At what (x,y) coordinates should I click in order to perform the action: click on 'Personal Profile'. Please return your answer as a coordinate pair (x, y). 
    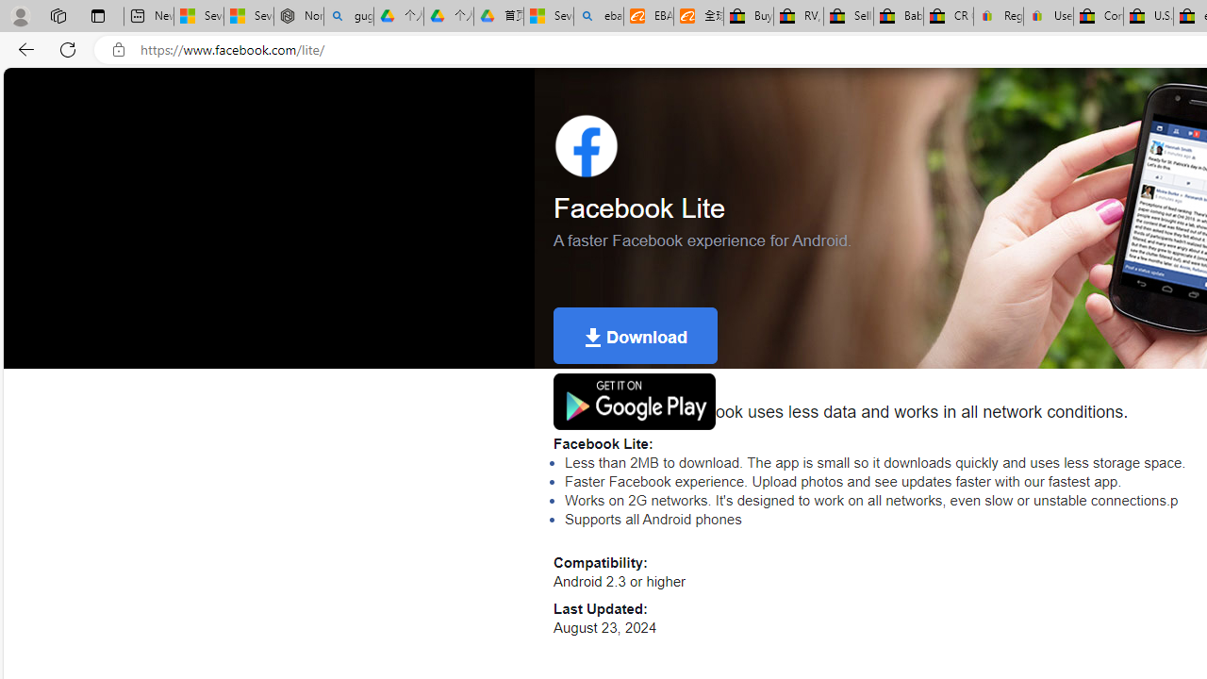
    Looking at the image, I should click on (20, 15).